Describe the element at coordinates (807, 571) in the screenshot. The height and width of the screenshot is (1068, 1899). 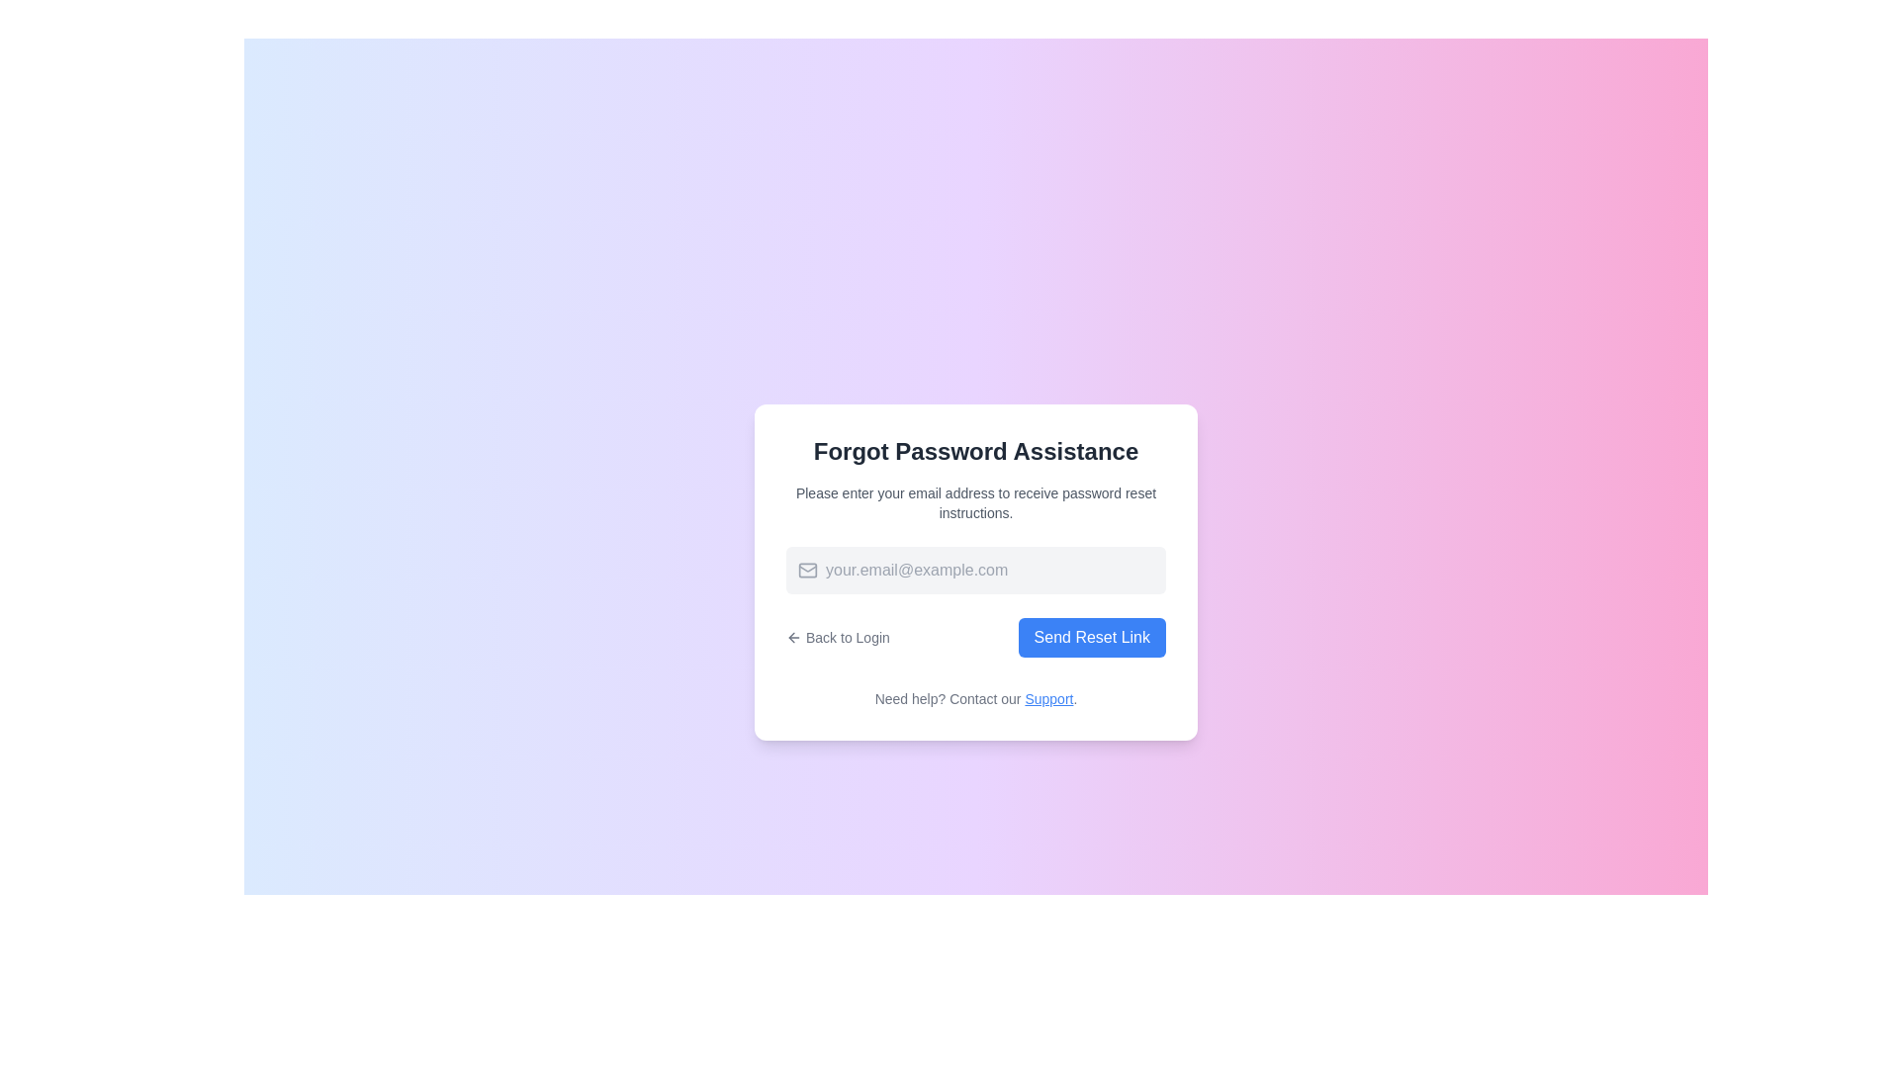
I see `the email input field icon, which is located to the left of the placeholder text 'your.email@example.com'` at that location.